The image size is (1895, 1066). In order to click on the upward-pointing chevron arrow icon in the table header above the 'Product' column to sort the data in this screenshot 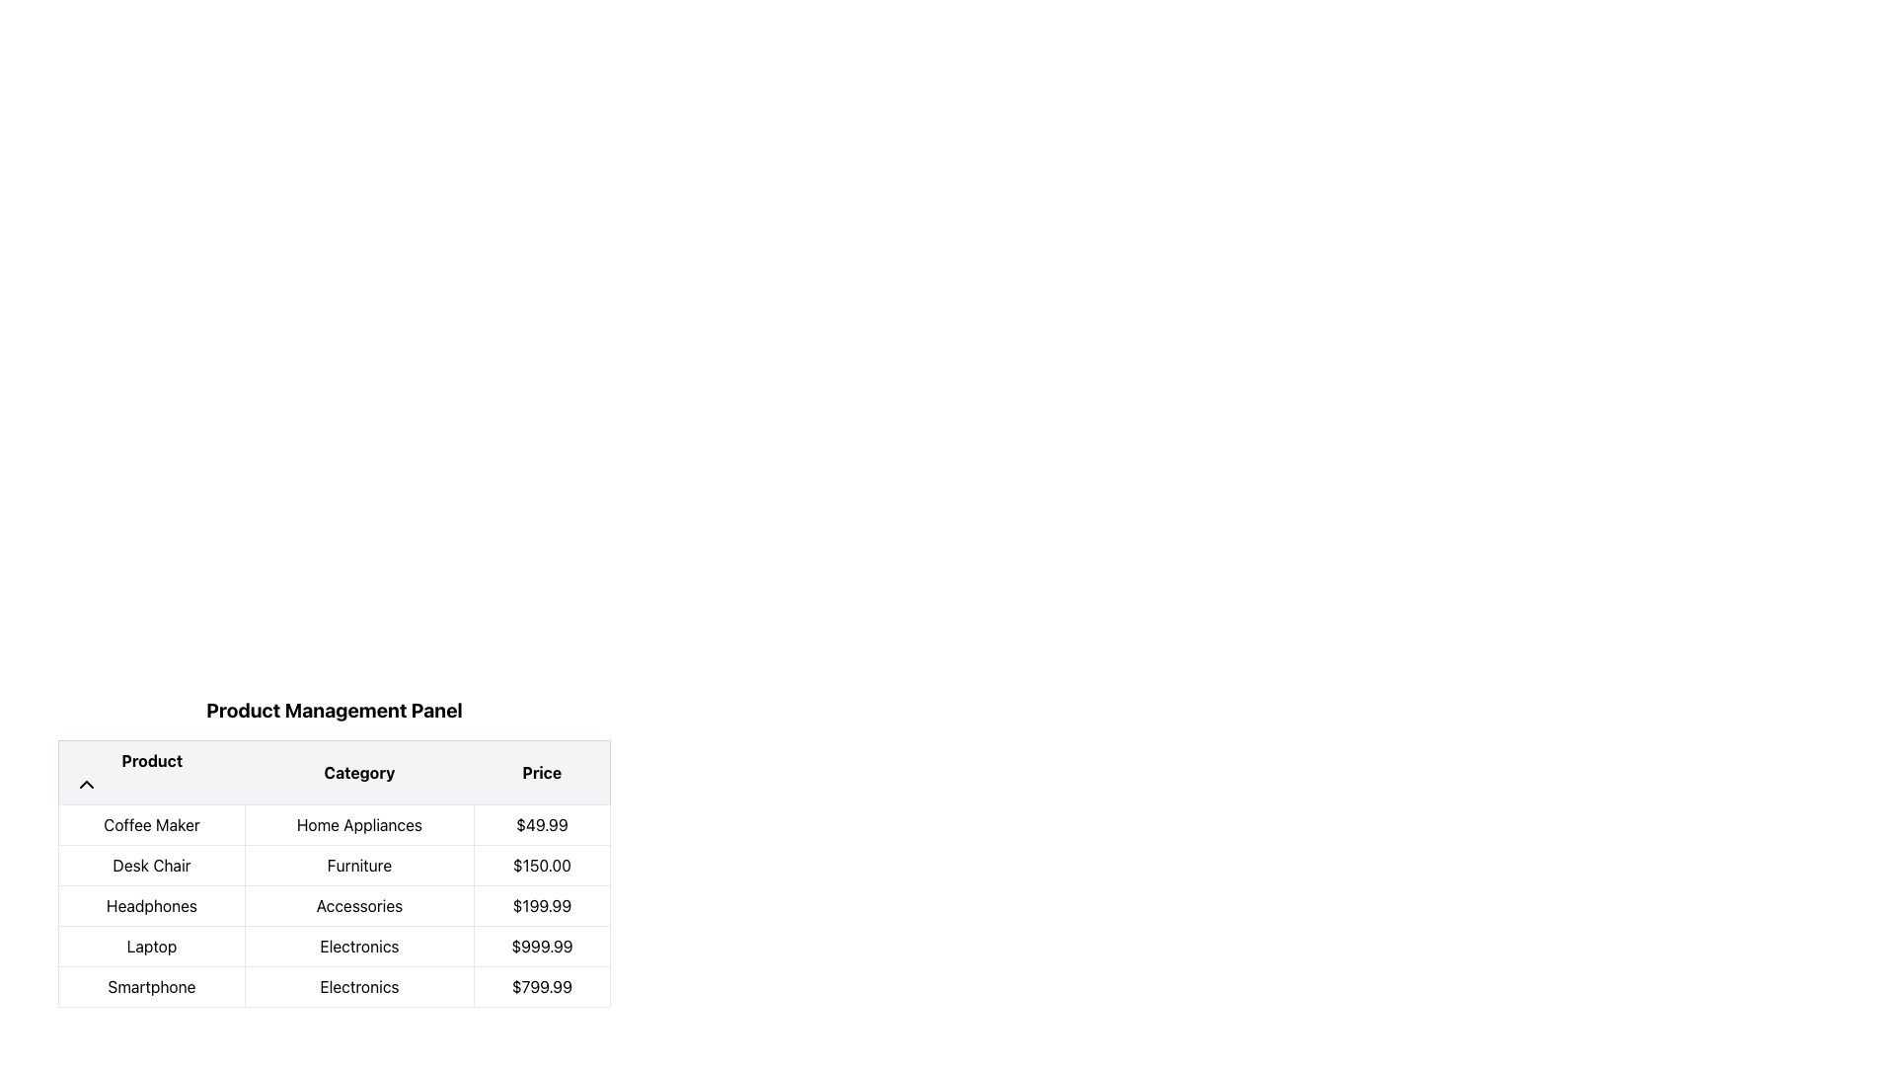, I will do `click(85, 783)`.